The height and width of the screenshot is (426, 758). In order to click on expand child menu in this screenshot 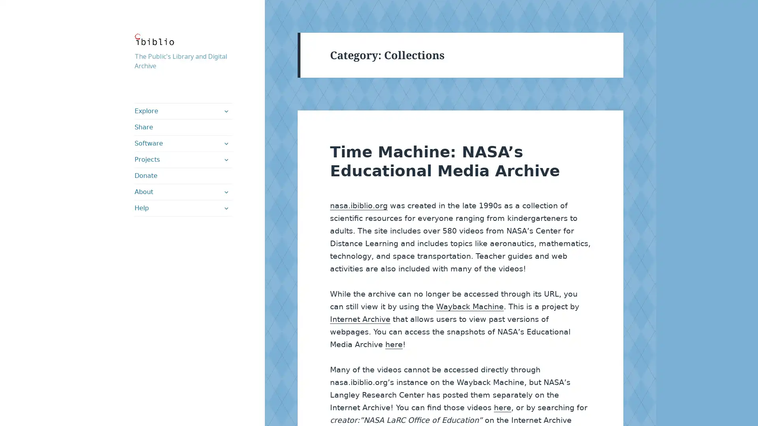, I will do `click(225, 192)`.